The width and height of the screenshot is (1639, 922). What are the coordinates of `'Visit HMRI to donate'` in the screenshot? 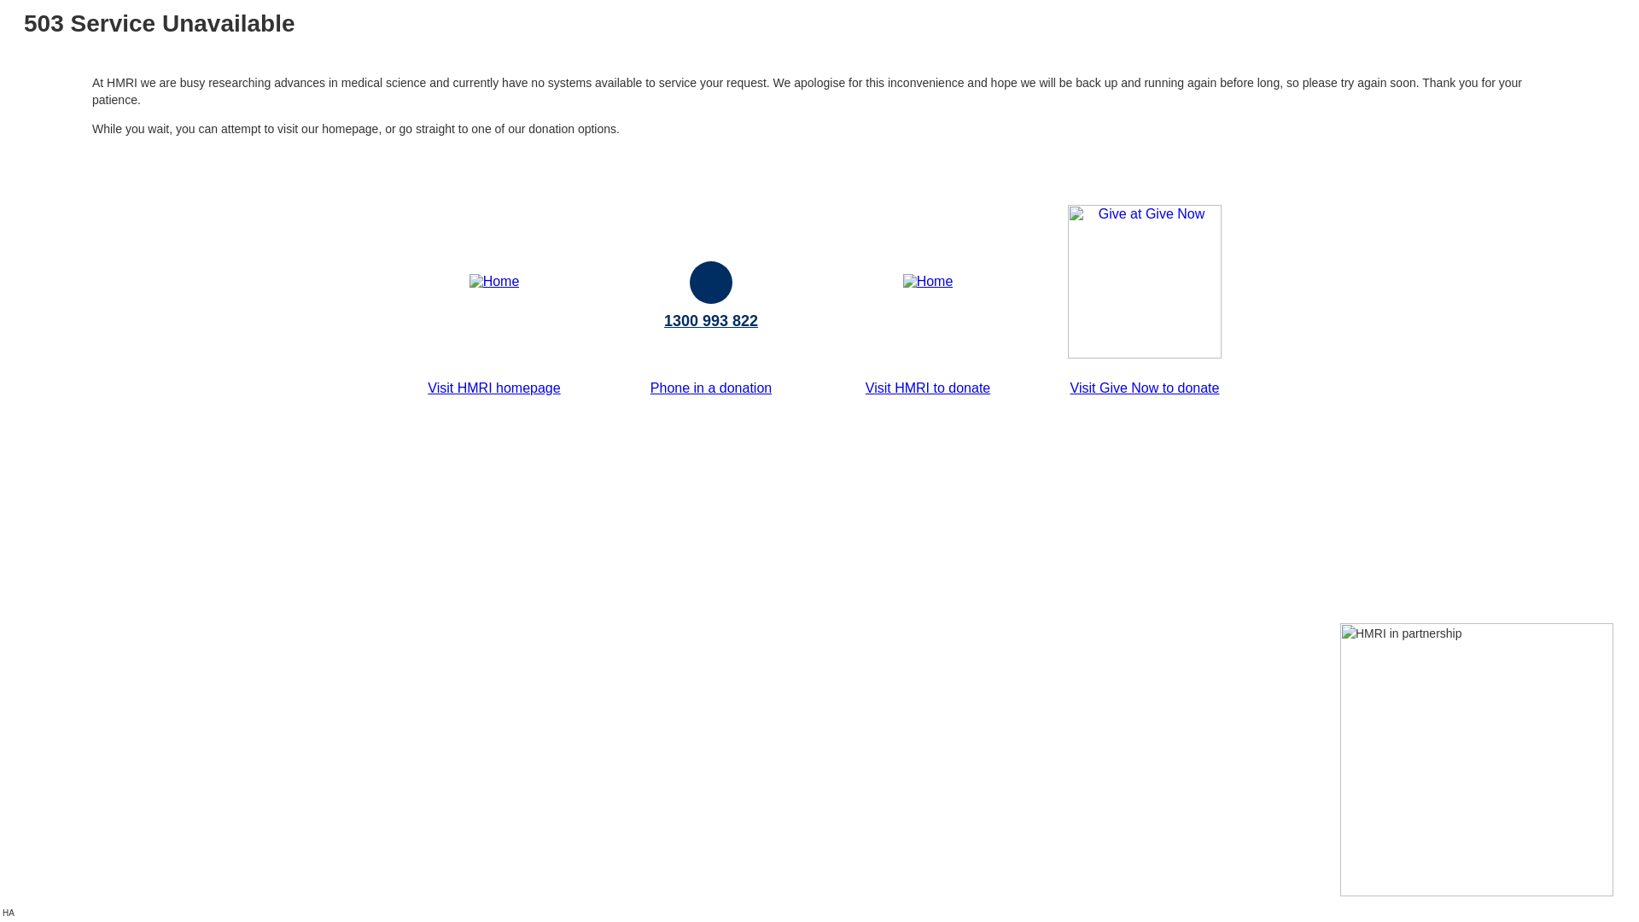 It's located at (865, 388).